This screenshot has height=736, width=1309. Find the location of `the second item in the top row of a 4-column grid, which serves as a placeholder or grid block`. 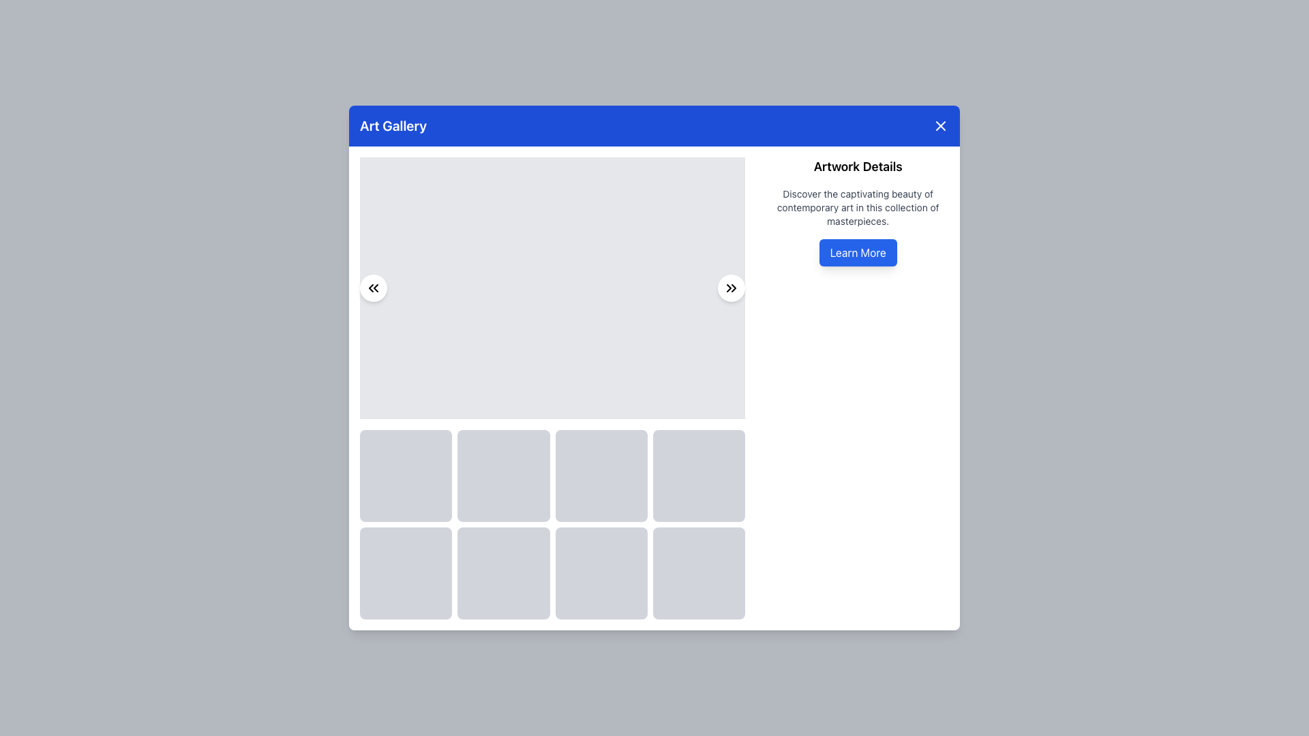

the second item in the top row of a 4-column grid, which serves as a placeholder or grid block is located at coordinates (503, 475).